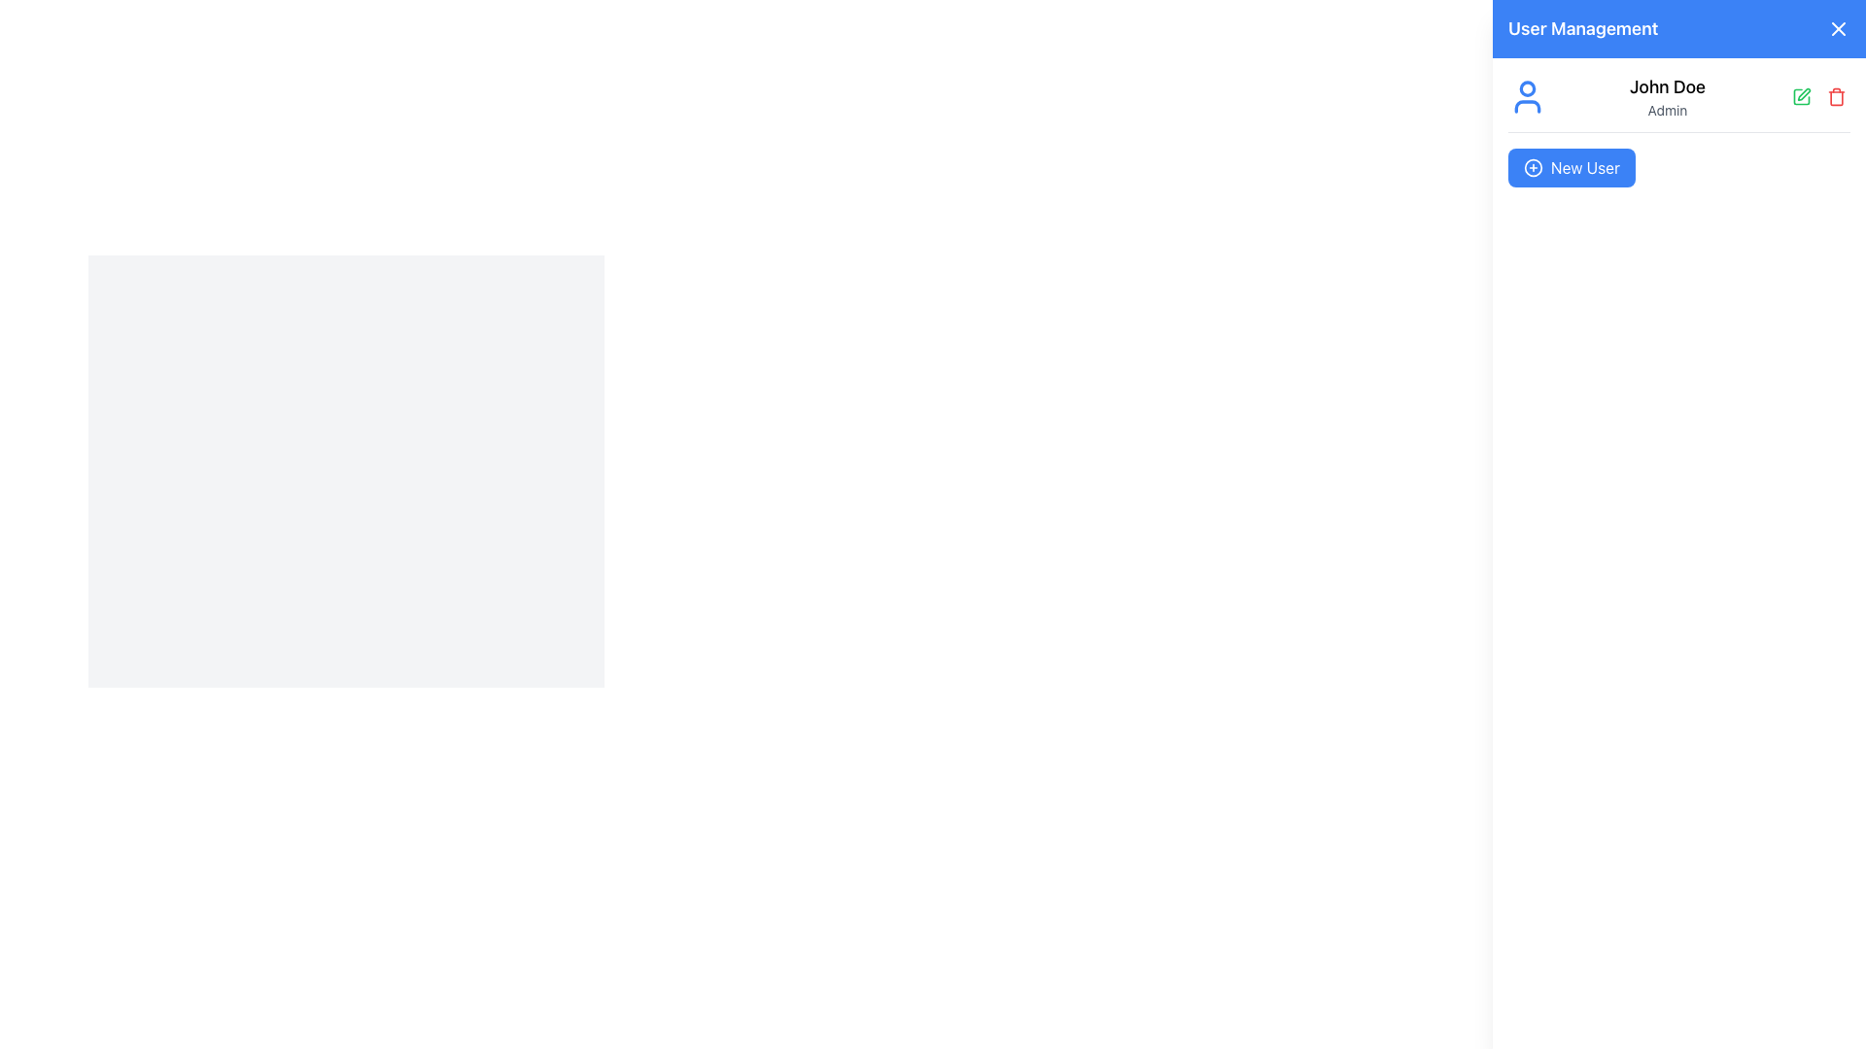 Image resolution: width=1866 pixels, height=1049 pixels. Describe the element at coordinates (1837, 29) in the screenshot. I see `the diagonal cross icon in the User Management header` at that location.